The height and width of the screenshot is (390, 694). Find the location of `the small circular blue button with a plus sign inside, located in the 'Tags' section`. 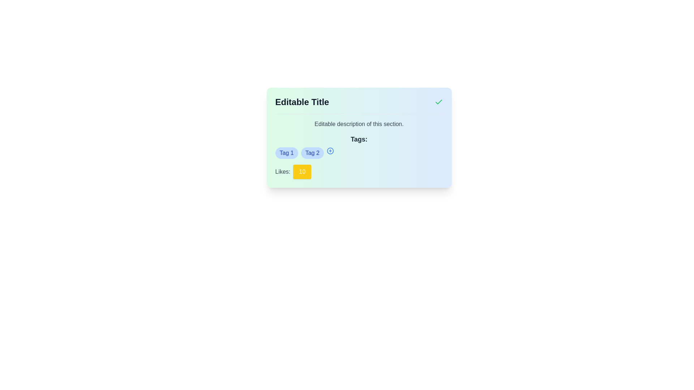

the small circular blue button with a plus sign inside, located in the 'Tags' section is located at coordinates (330, 150).